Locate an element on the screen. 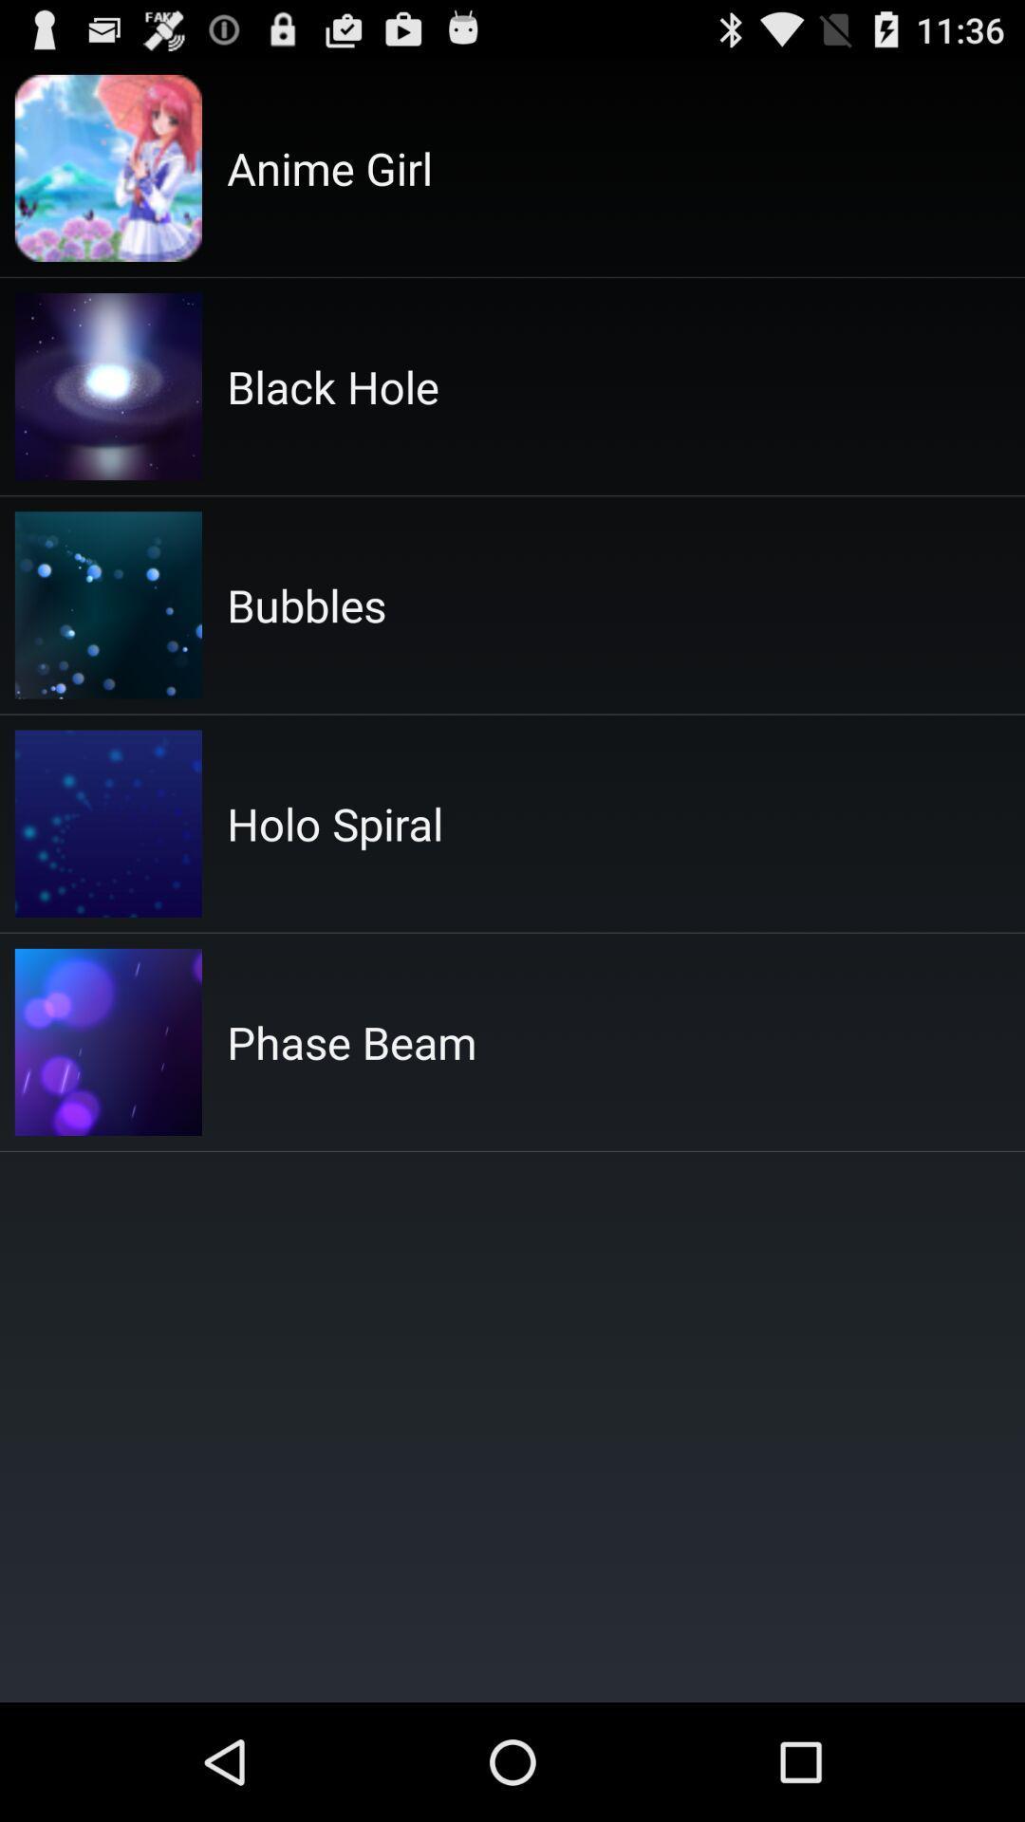  the holo spiral app is located at coordinates (334, 824).